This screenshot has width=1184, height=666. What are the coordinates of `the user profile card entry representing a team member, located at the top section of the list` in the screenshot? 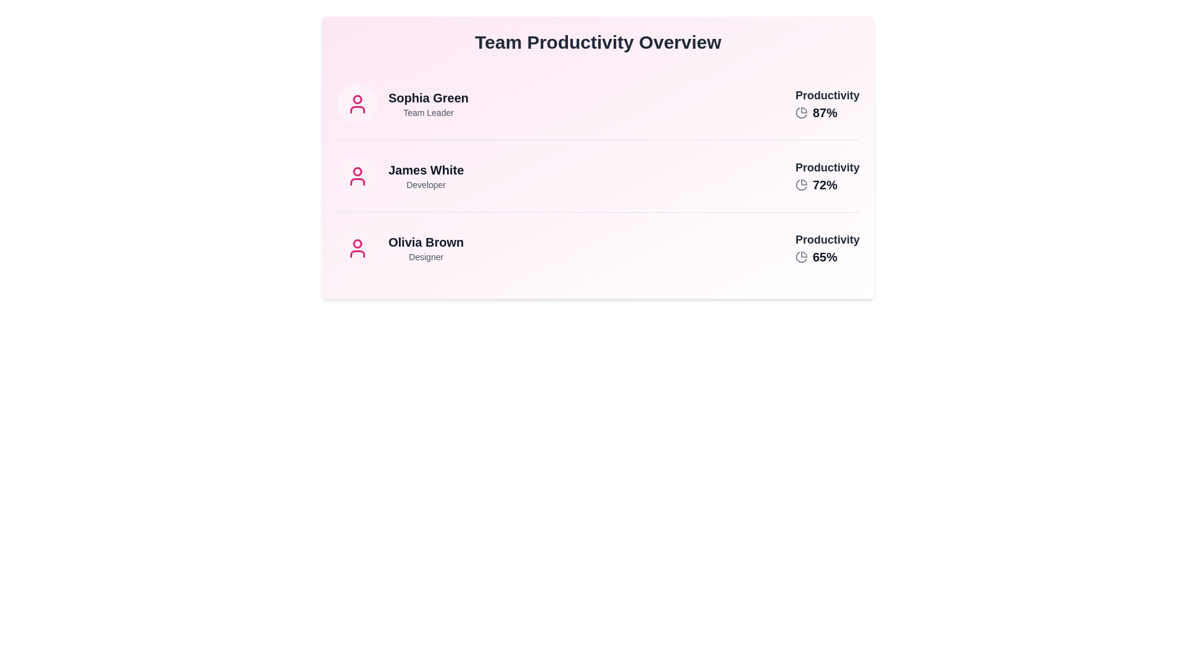 It's located at (402, 104).